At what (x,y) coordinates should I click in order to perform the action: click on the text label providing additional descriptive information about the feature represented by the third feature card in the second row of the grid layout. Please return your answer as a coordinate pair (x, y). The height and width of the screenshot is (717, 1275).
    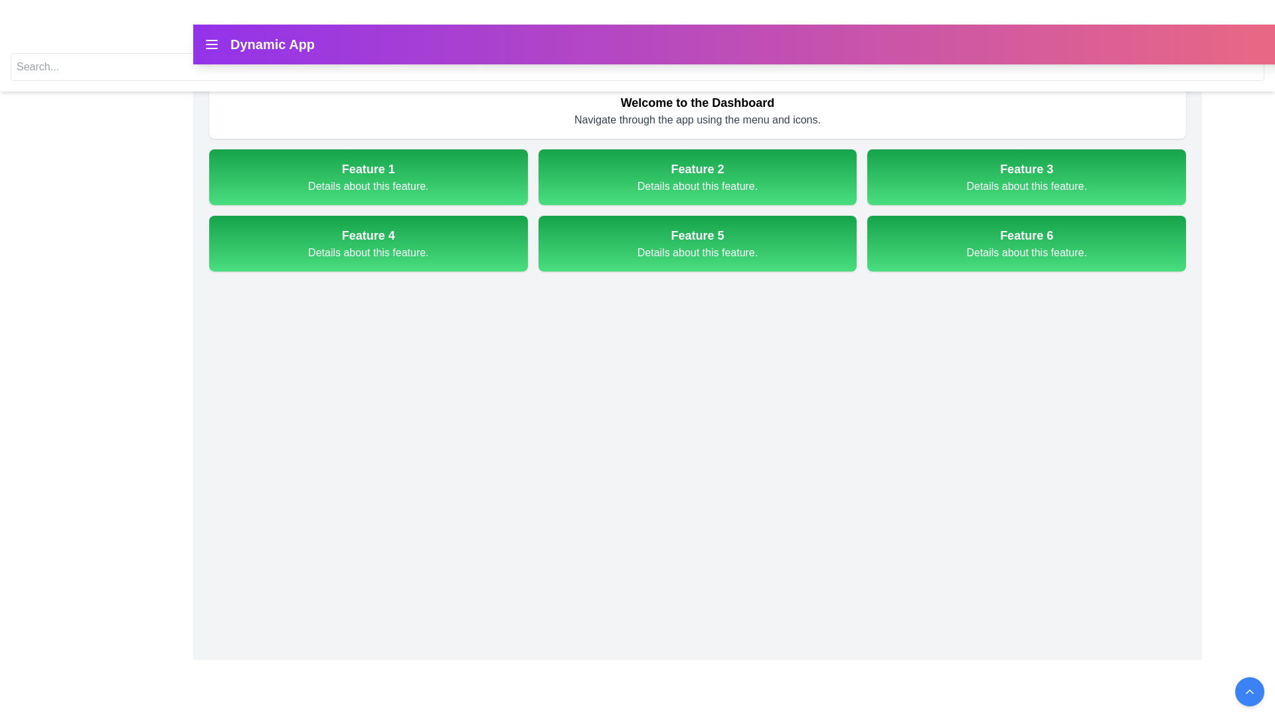
    Looking at the image, I should click on (1026, 187).